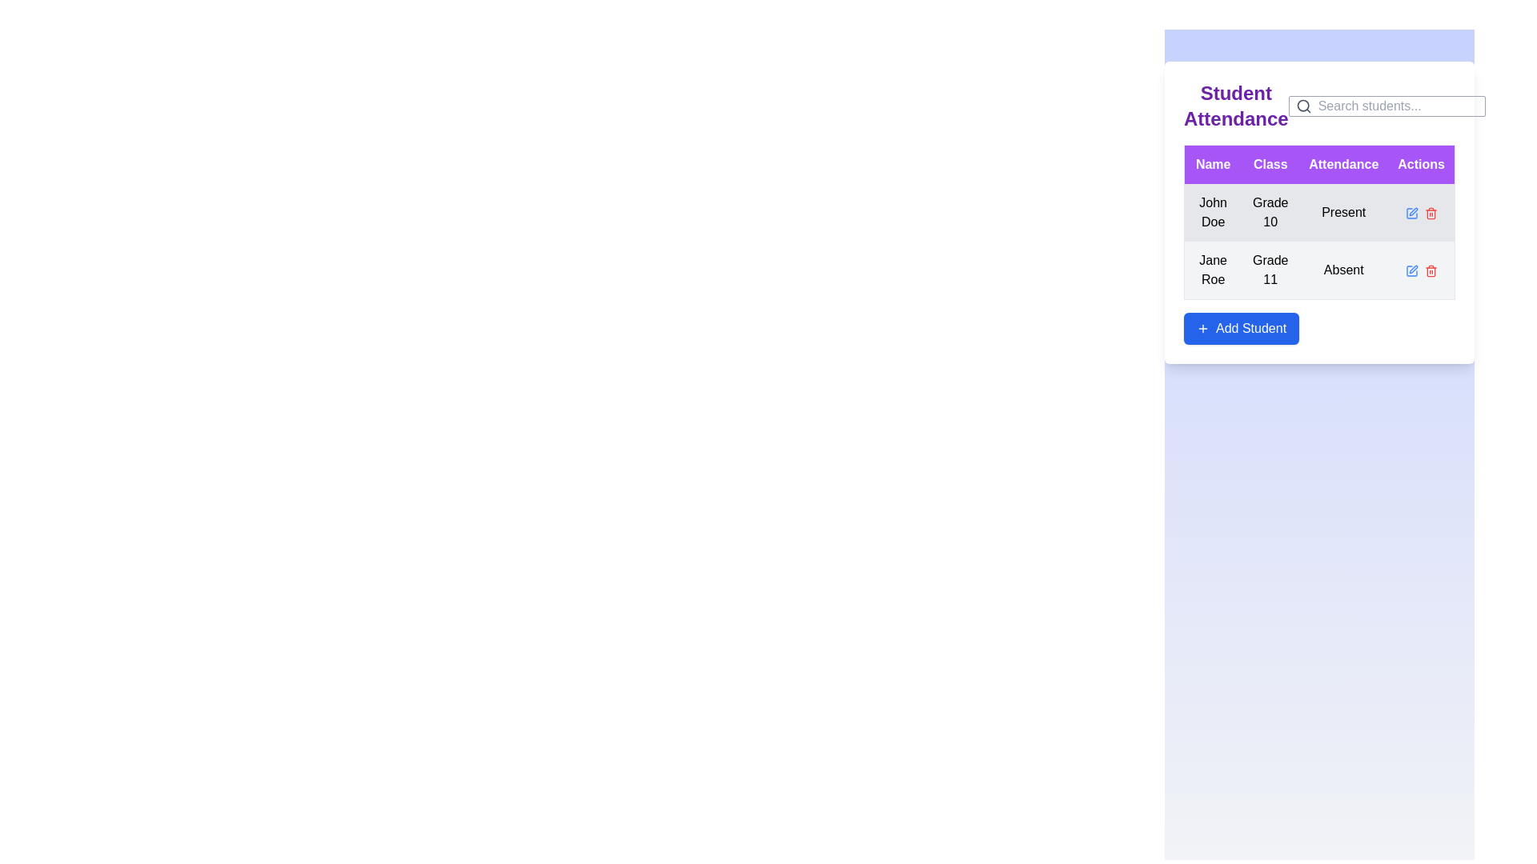 Image resolution: width=1537 pixels, height=864 pixels. What do you see at coordinates (1270, 270) in the screenshot?
I see `the static text element displaying 'Grade 11' which is bold and centered in the 'Class' column of the table for the row corresponding to 'Jane Roe'` at bounding box center [1270, 270].